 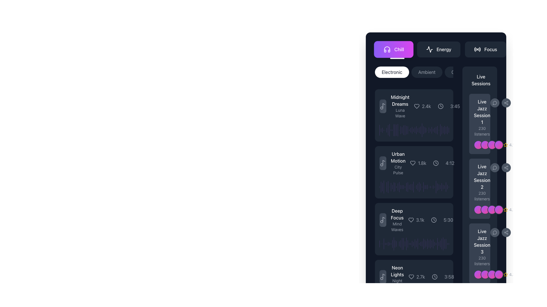 I want to click on the second circular icon with a gradient color transitioning from purple to pink, which is part of a group of similar icons located near the right side of the interface, adjacent to the 'Live Jazz Session' section, so click(x=485, y=274).